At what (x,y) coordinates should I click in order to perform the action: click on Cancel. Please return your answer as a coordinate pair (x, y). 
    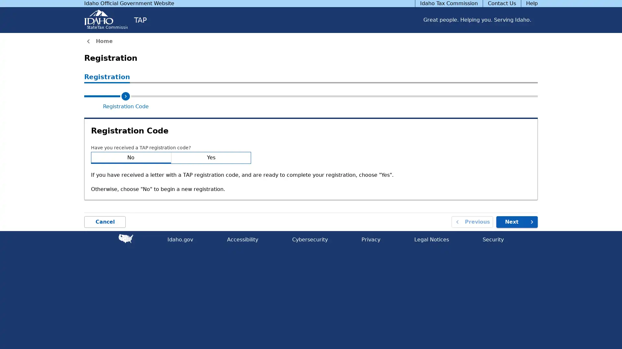
    Looking at the image, I should click on (105, 221).